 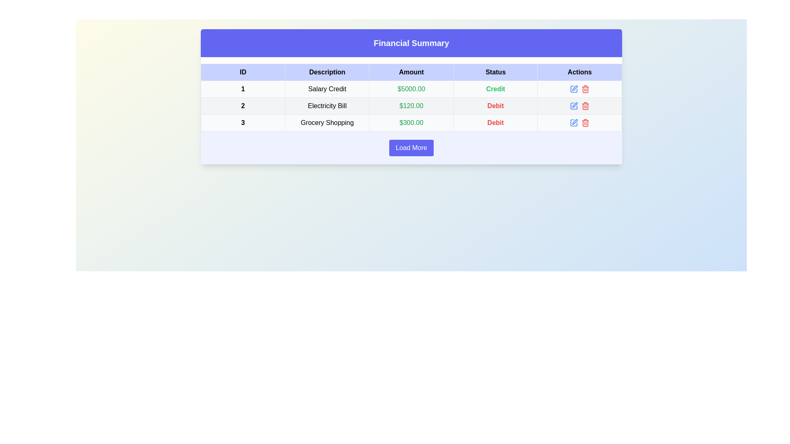 What do you see at coordinates (411, 89) in the screenshot?
I see `transaction data displayed in the first row of the table under the 'Financial Summary' header, which includes its ID, description, credited amount, and status` at bounding box center [411, 89].